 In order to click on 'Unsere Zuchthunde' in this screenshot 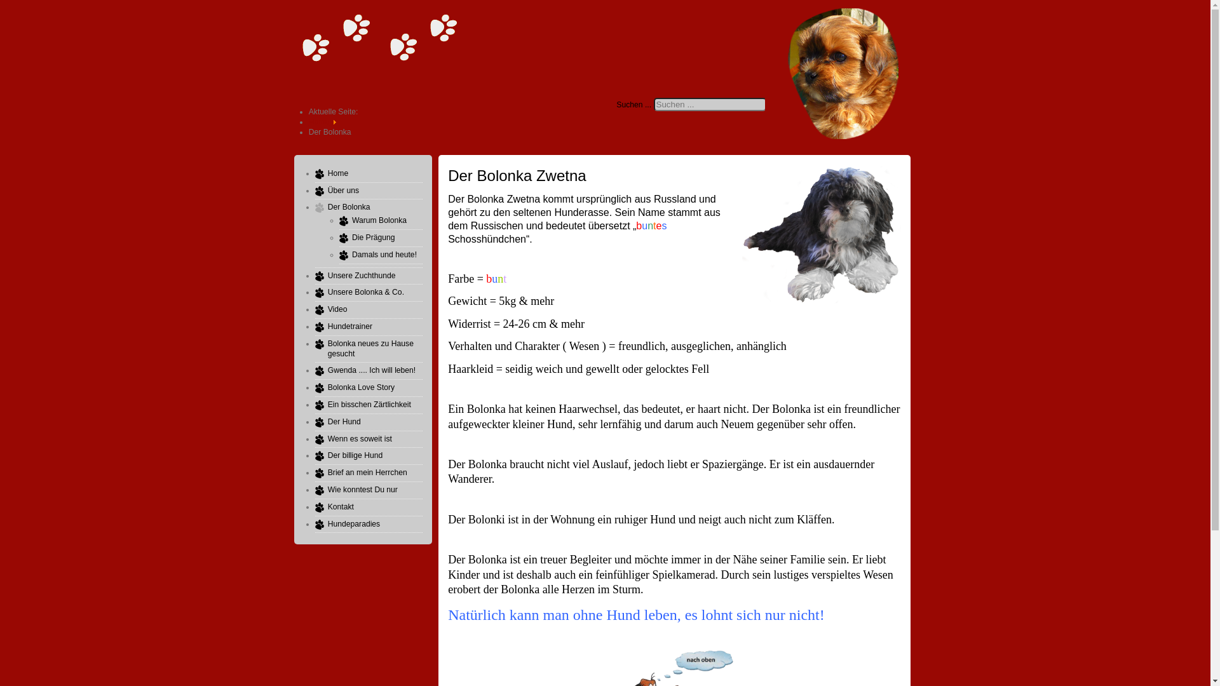, I will do `click(361, 275)`.